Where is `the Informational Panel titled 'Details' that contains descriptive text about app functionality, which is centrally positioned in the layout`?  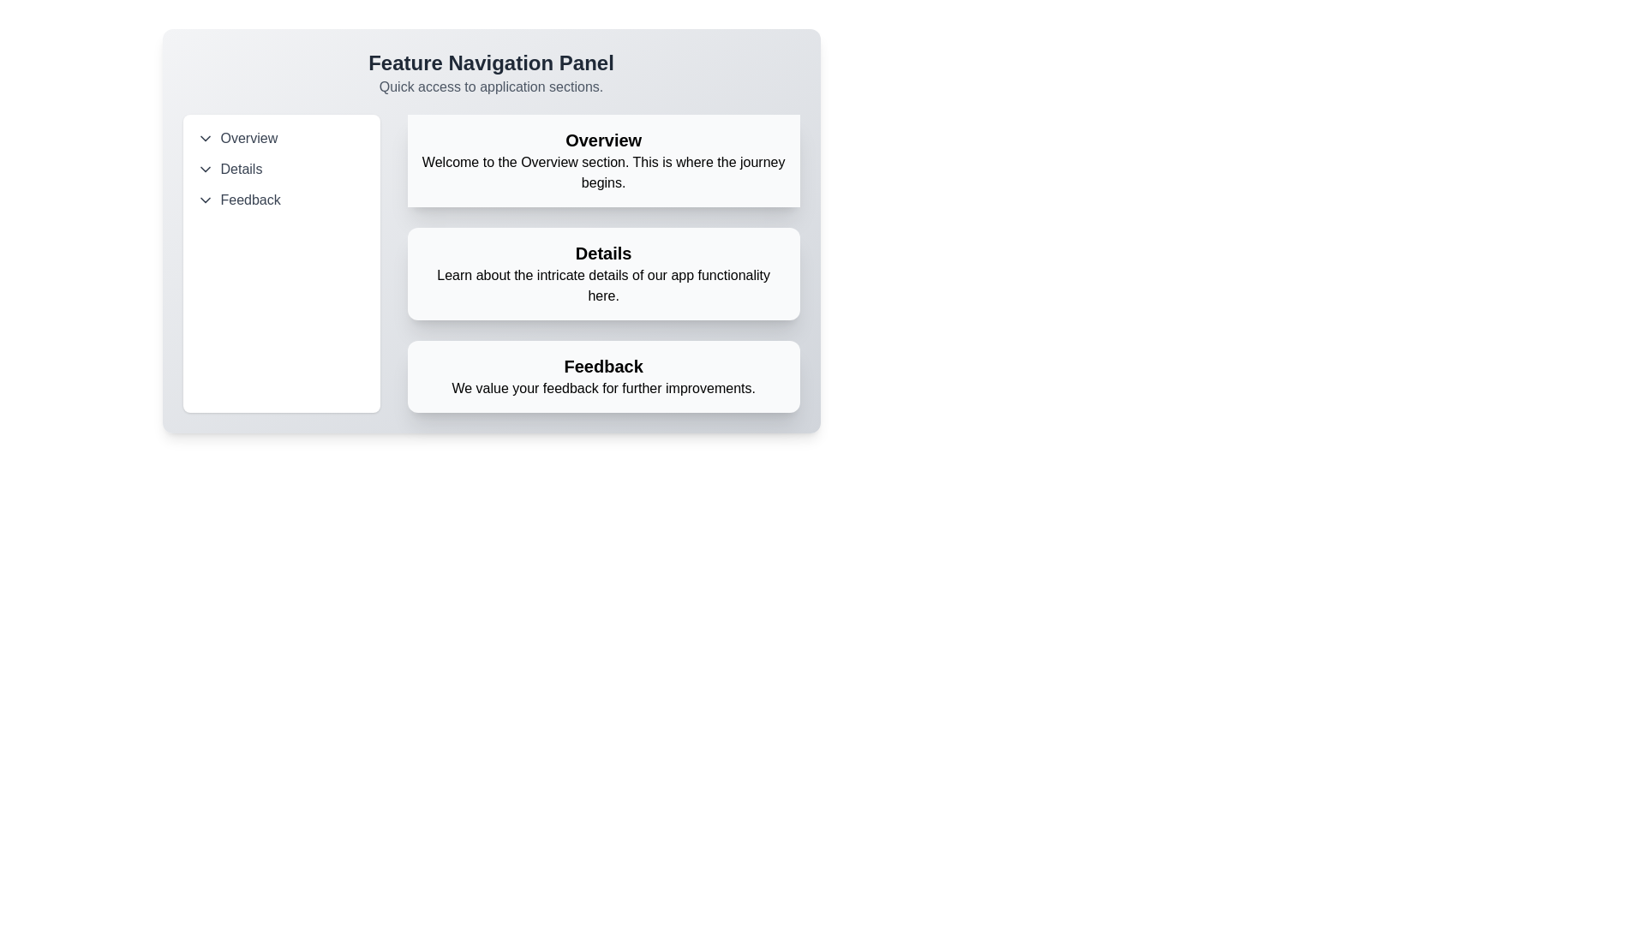 the Informational Panel titled 'Details' that contains descriptive text about app functionality, which is centrally positioned in the layout is located at coordinates (603, 273).